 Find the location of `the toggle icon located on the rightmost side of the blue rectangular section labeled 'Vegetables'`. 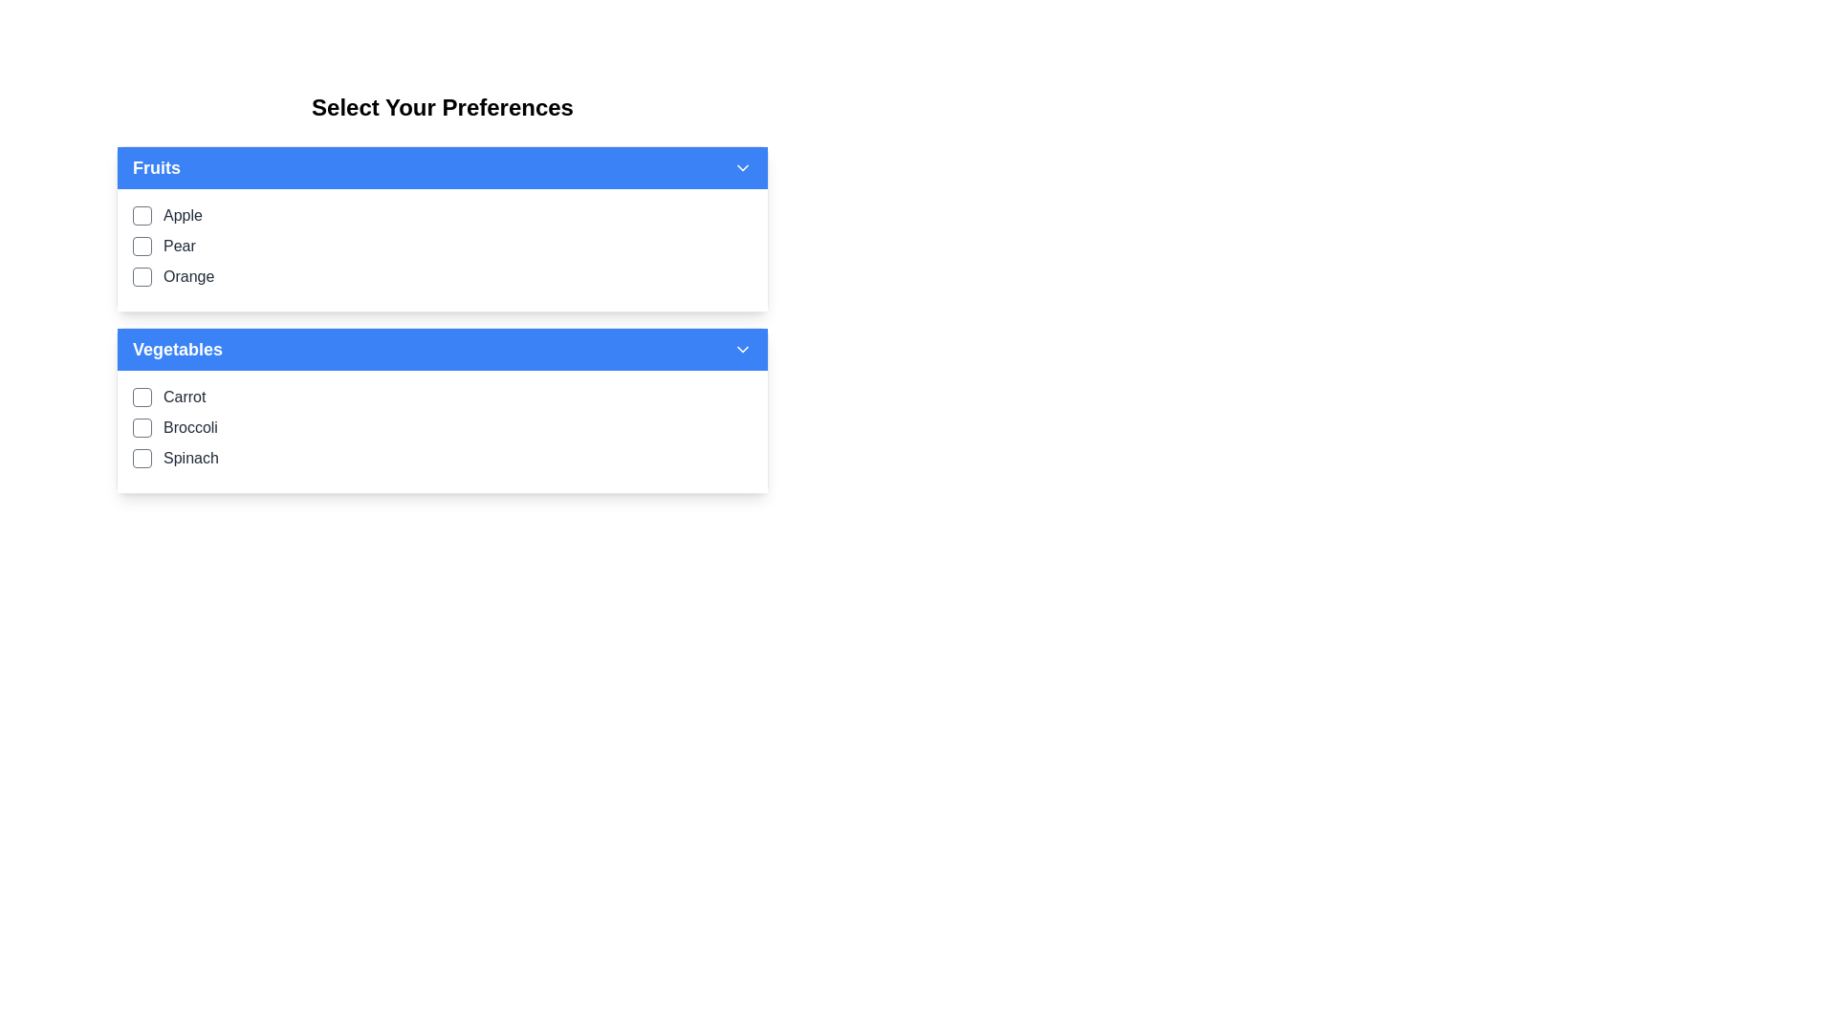

the toggle icon located on the rightmost side of the blue rectangular section labeled 'Vegetables' is located at coordinates (742, 350).